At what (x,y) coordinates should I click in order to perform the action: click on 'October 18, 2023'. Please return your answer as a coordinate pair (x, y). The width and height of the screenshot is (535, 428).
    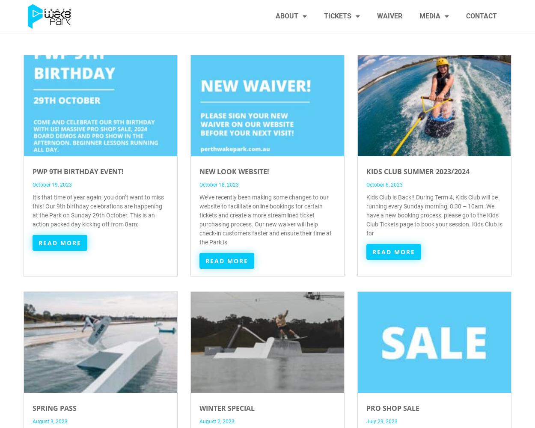
    Looking at the image, I should click on (219, 185).